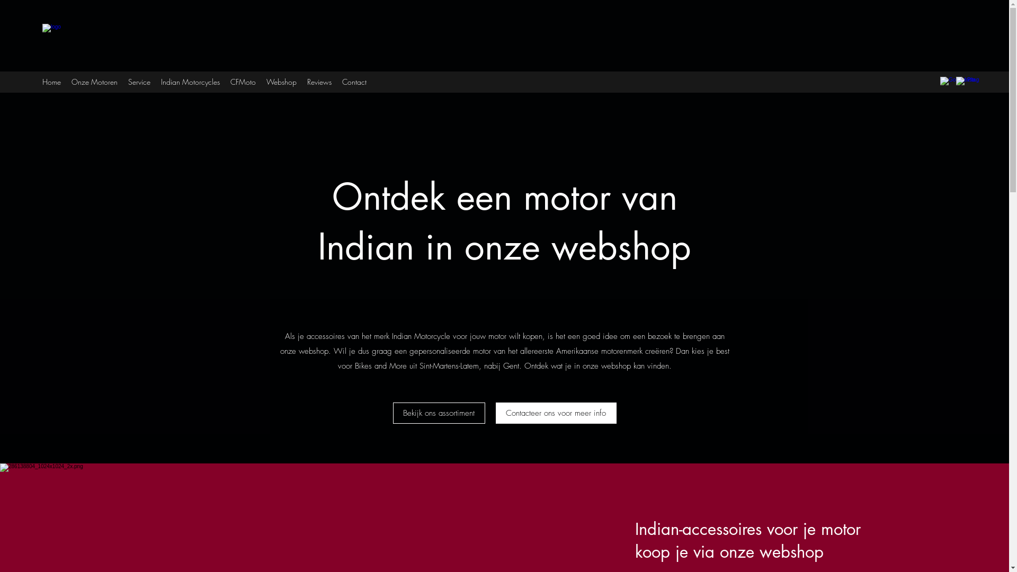  Describe the element at coordinates (51, 81) in the screenshot. I see `'Home'` at that location.